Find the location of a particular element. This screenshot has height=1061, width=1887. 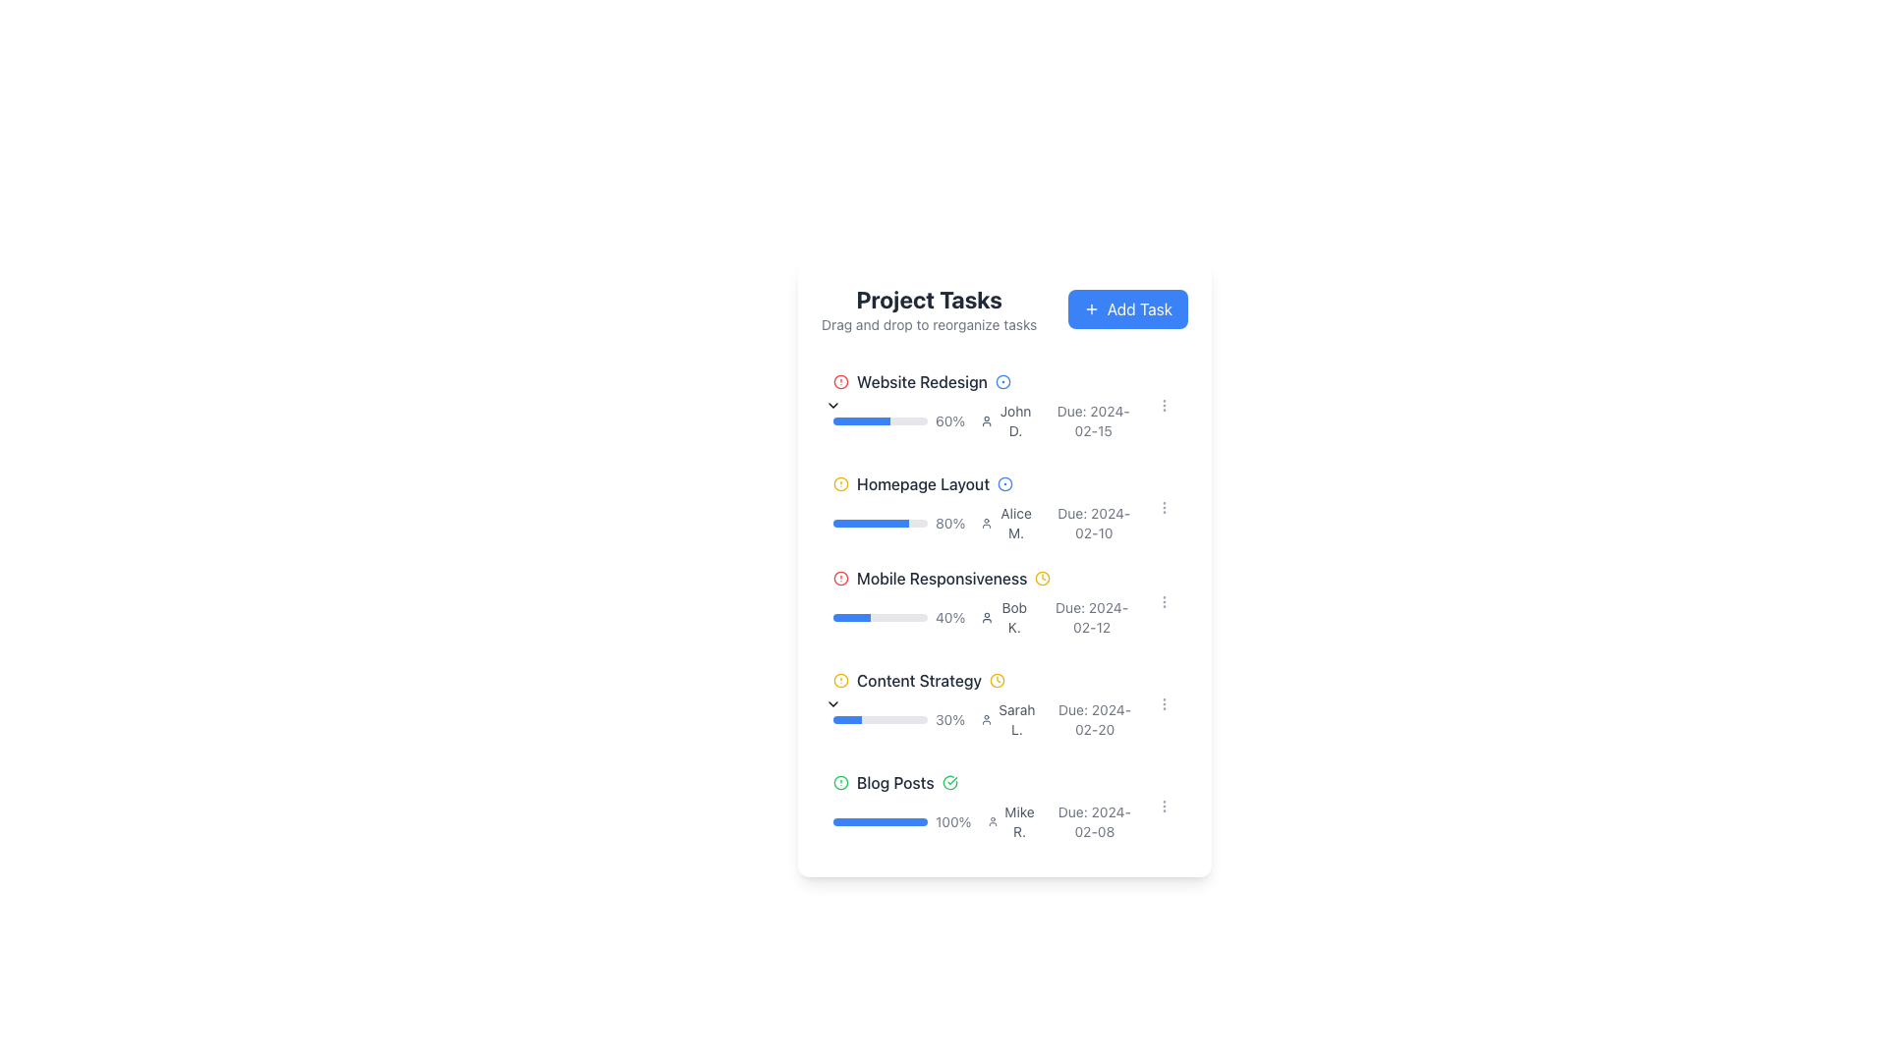

the 'Homepage Layout' text label with alert icons located in the second row of the task list under 'Project Tasks' is located at coordinates (985, 484).